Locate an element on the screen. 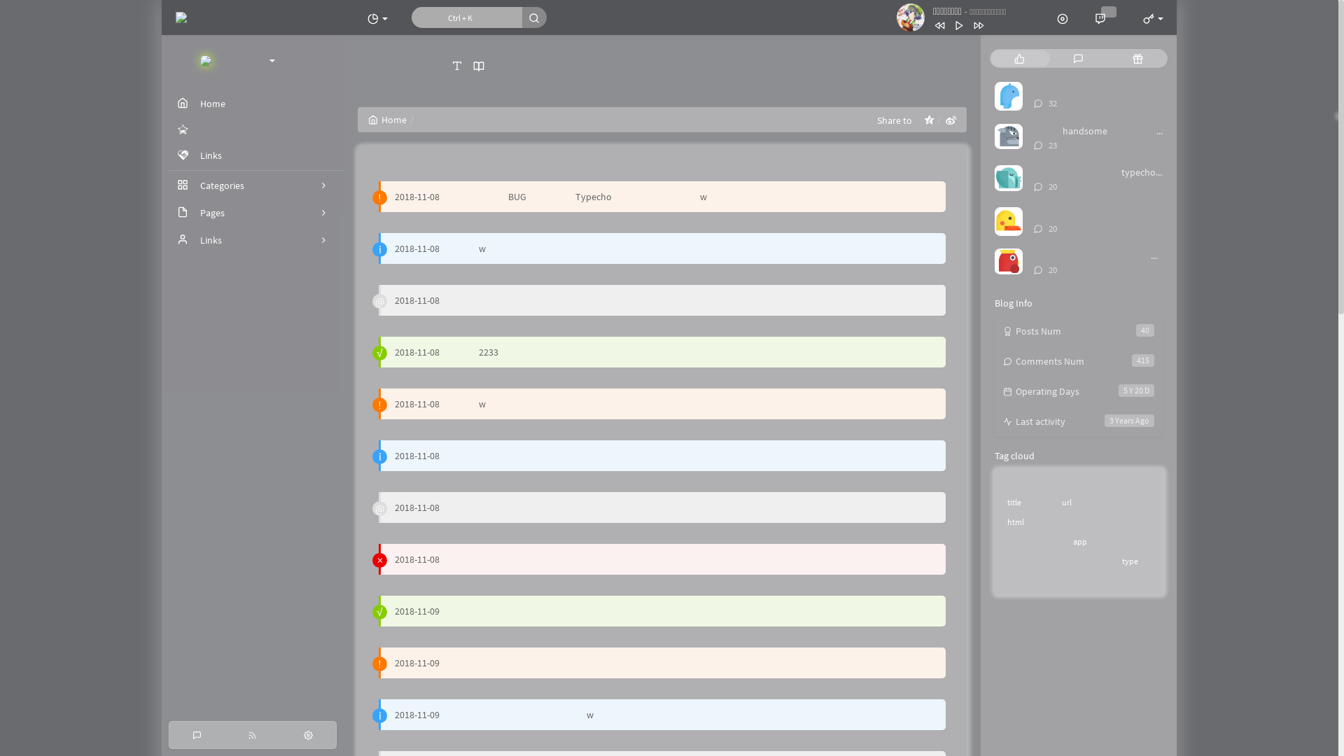 The height and width of the screenshot is (756, 1344). 'type' is located at coordinates (1130, 561).